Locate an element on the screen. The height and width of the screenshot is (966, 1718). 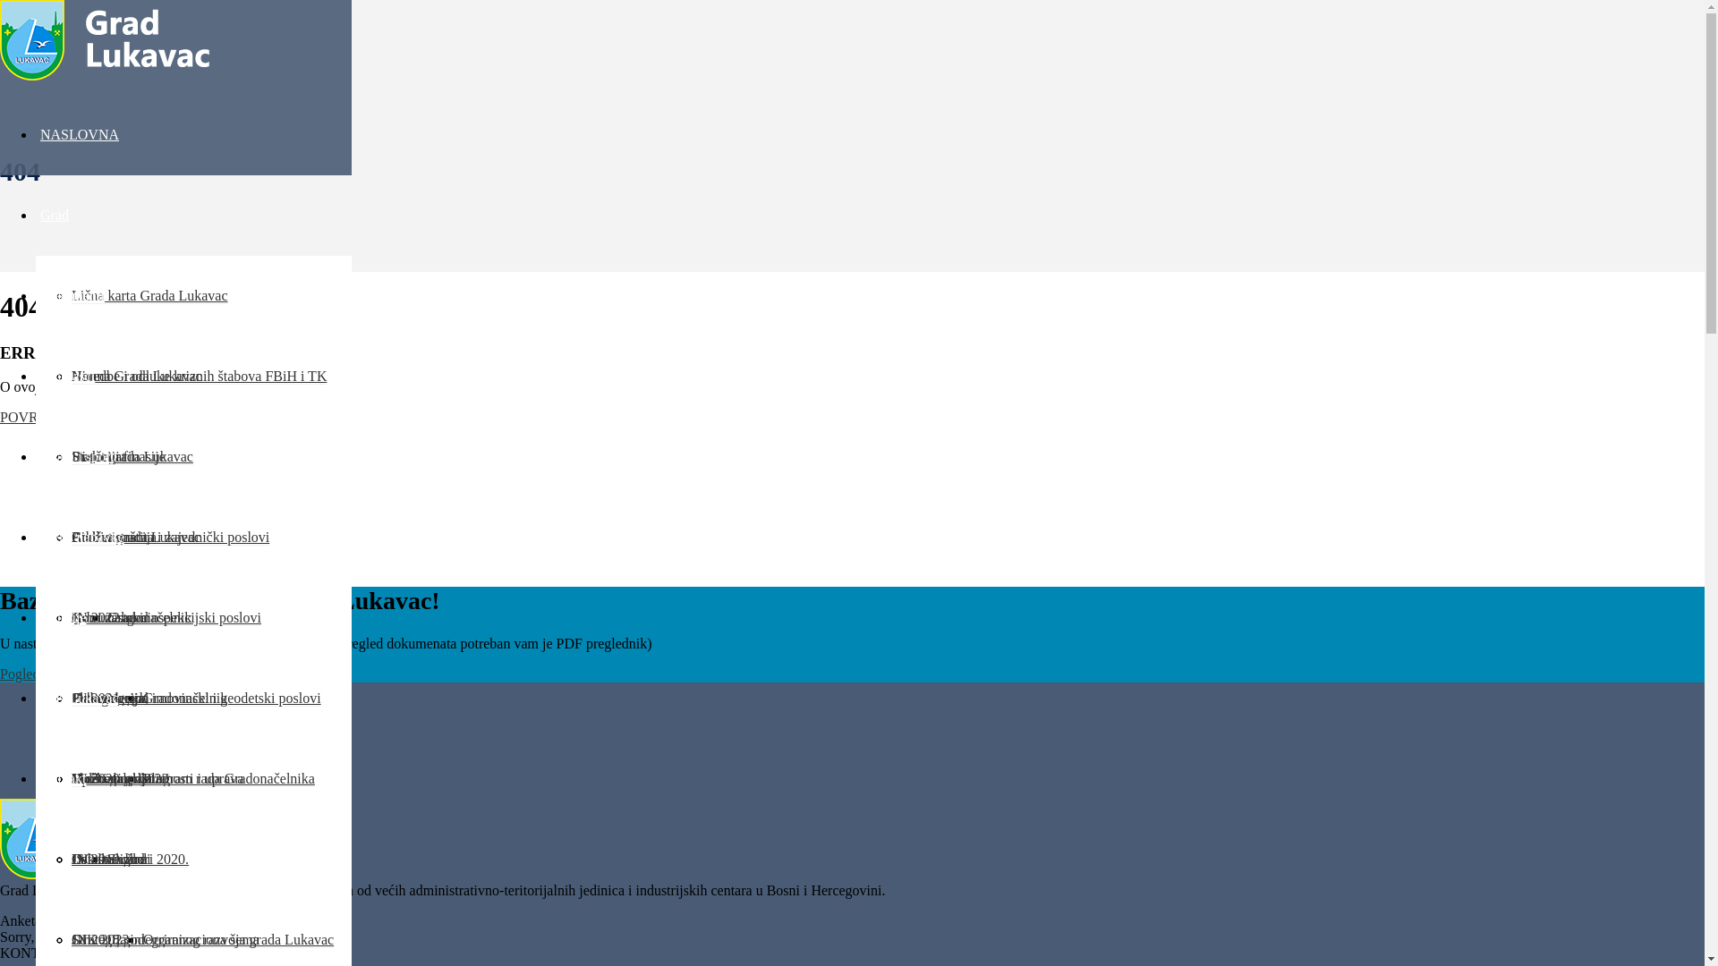
'JN 2018.god' is located at coordinates (72, 938).